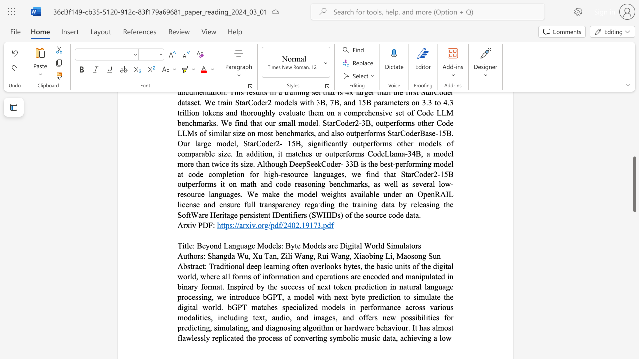 The height and width of the screenshot is (359, 639). Describe the element at coordinates (264, 225) in the screenshot. I see `the subset text "g/pdf/2402.19173." within the text "https://arxiv.org/pdf/2402.19173.pdf"` at that location.